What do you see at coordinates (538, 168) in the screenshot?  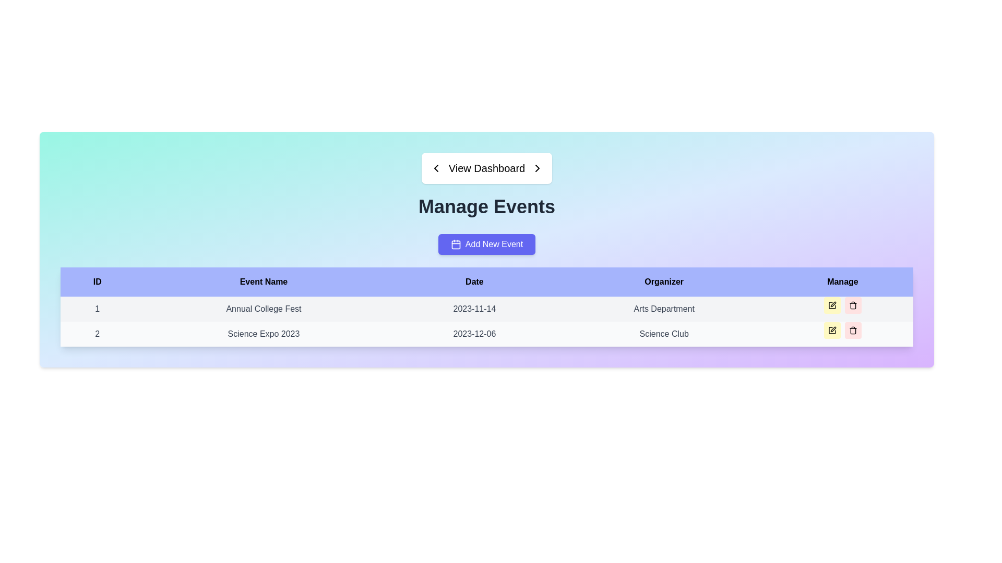 I see `the icon-based navigation button located to the right of the 'View Dashboard' text and the left-facing arrow icon` at bounding box center [538, 168].